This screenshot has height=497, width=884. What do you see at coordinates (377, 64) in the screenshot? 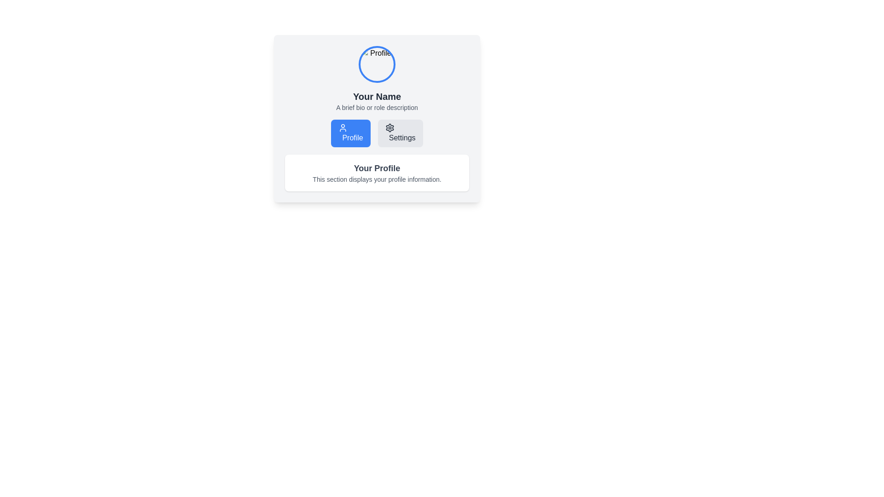
I see `the circular profile picture with a blue border located at the top-center of the card layout` at bounding box center [377, 64].